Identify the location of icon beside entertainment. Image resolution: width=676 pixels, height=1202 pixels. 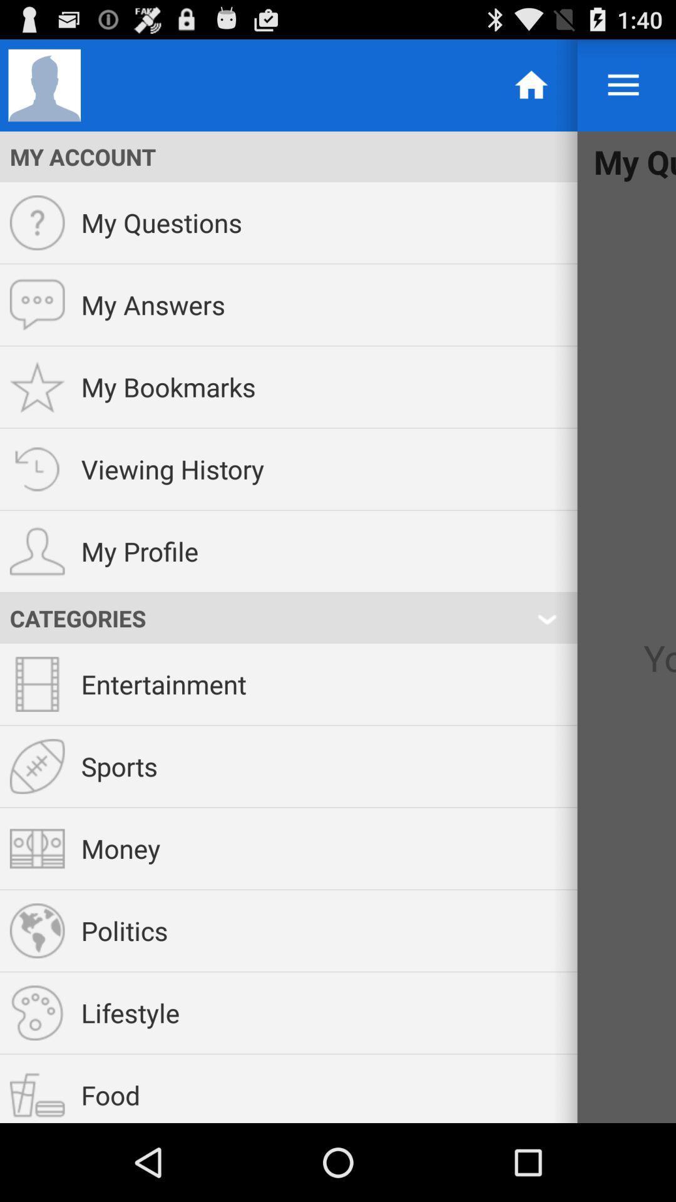
(37, 684).